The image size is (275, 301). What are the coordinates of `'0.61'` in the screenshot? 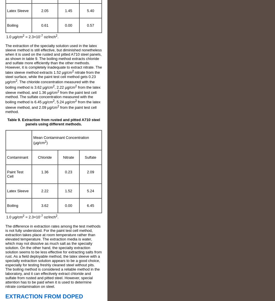 It's located at (41, 25).